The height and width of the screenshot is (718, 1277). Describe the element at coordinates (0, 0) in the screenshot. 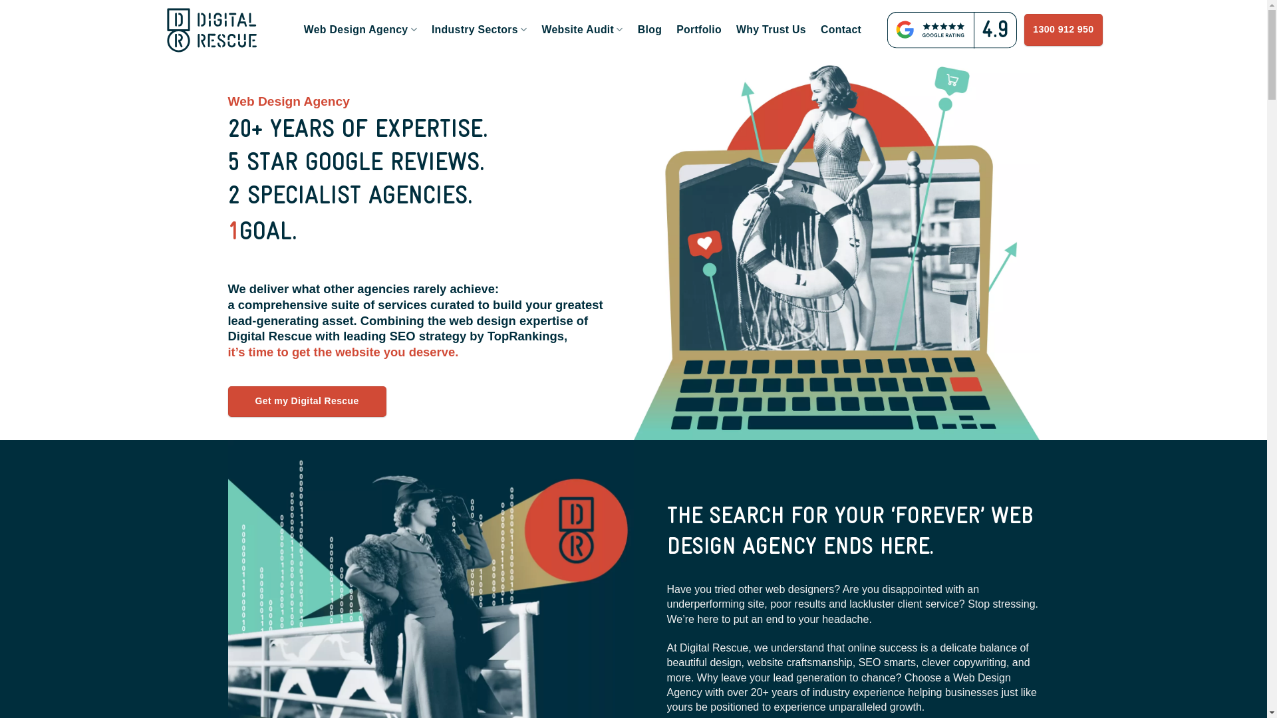

I see `'Skip to content'` at that location.